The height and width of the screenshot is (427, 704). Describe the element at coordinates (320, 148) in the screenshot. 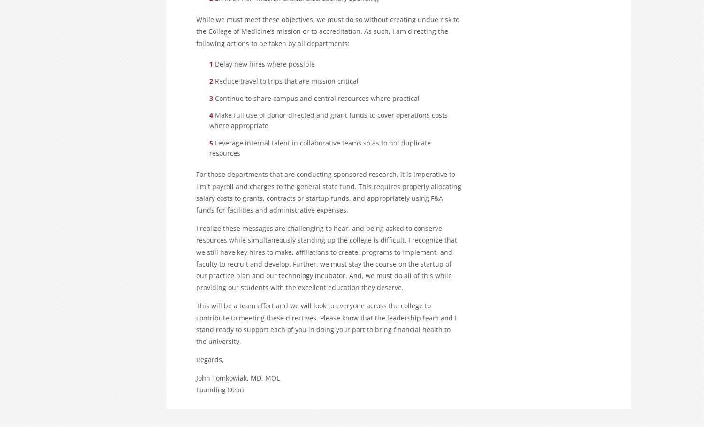

I see `'Leverage internal talent in collaborative teams so as to not duplicate resources'` at that location.